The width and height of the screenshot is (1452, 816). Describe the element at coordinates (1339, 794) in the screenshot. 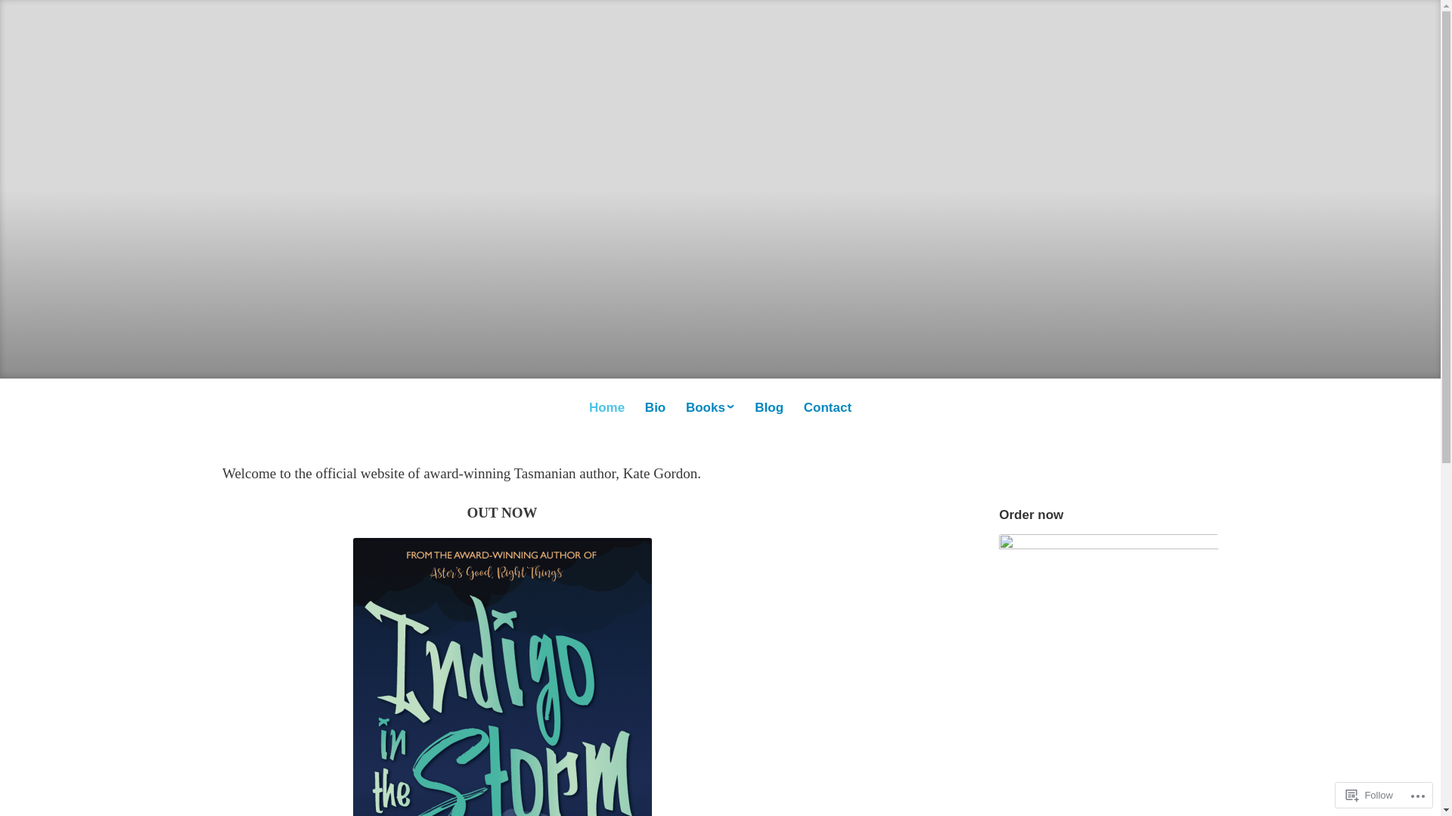

I see `'Follow'` at that location.